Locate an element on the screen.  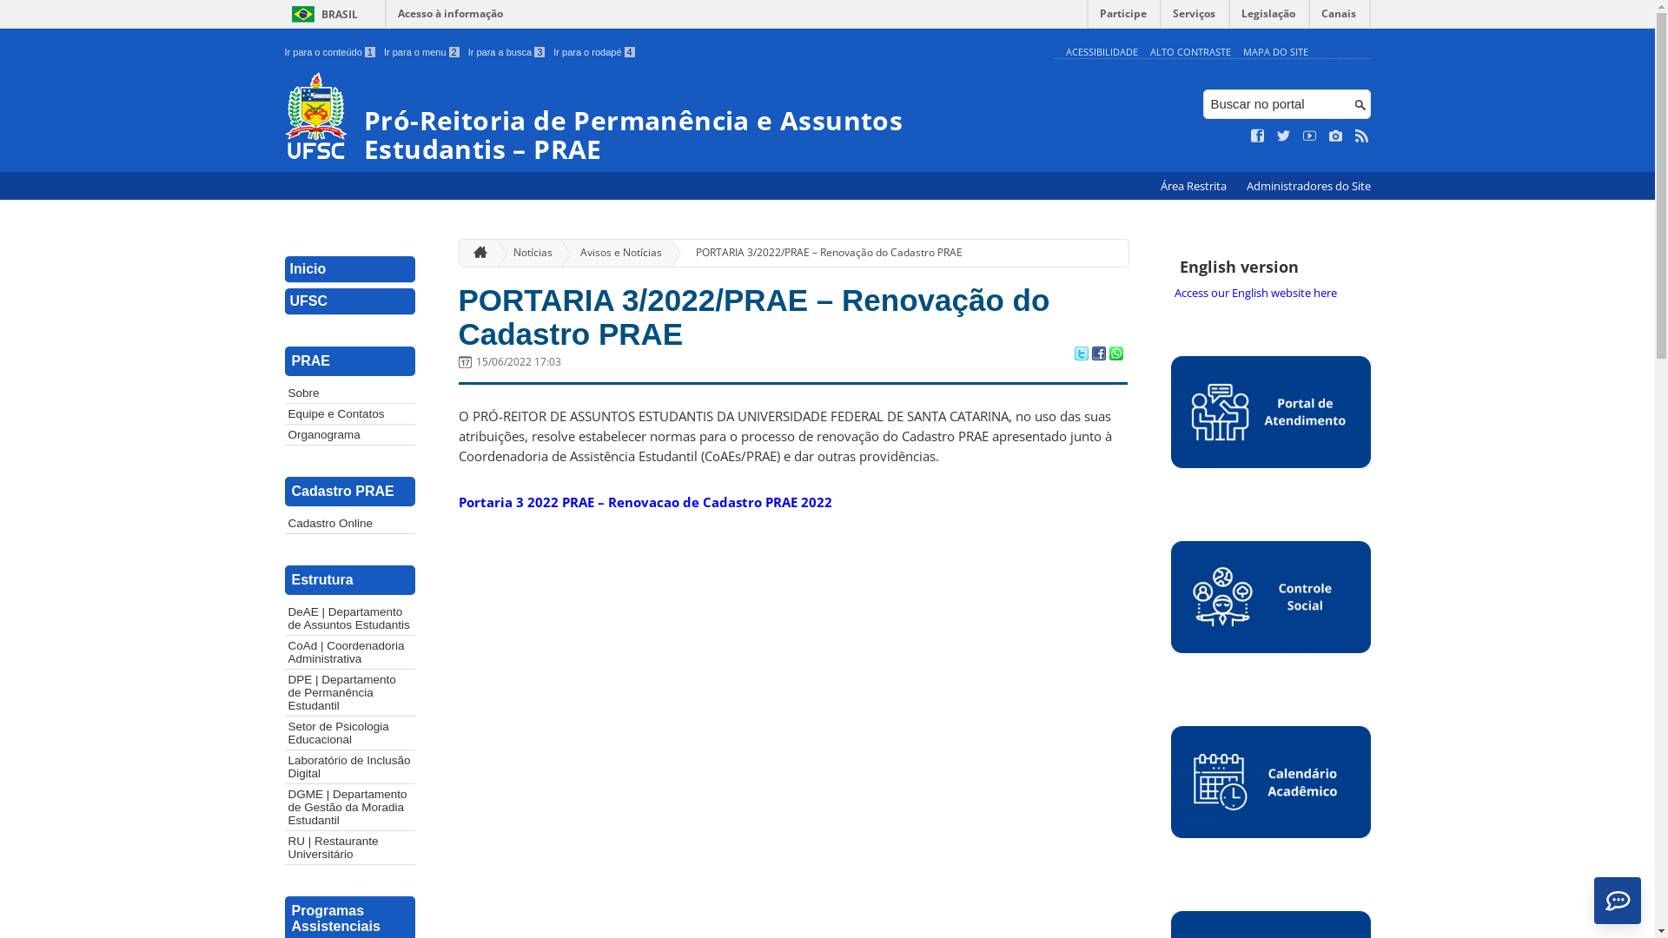
'Access our English website here' is located at coordinates (1271, 291).